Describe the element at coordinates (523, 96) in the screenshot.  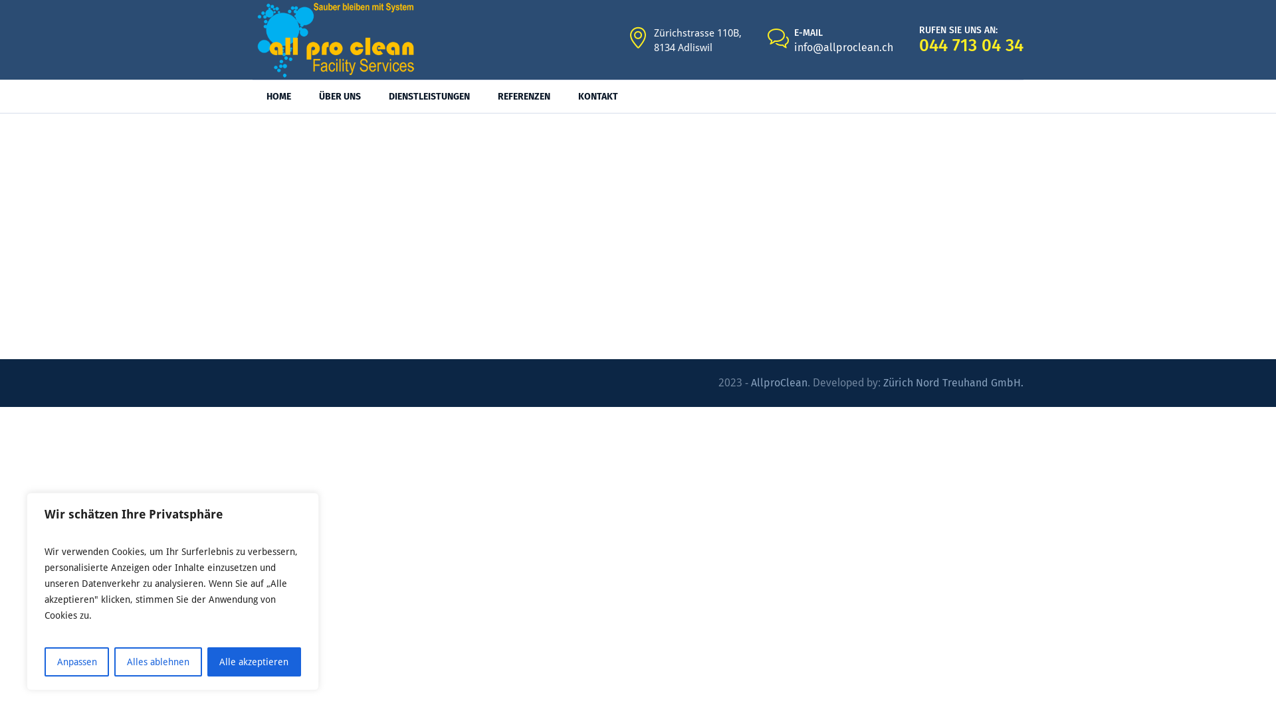
I see `'REFERENZEN'` at that location.